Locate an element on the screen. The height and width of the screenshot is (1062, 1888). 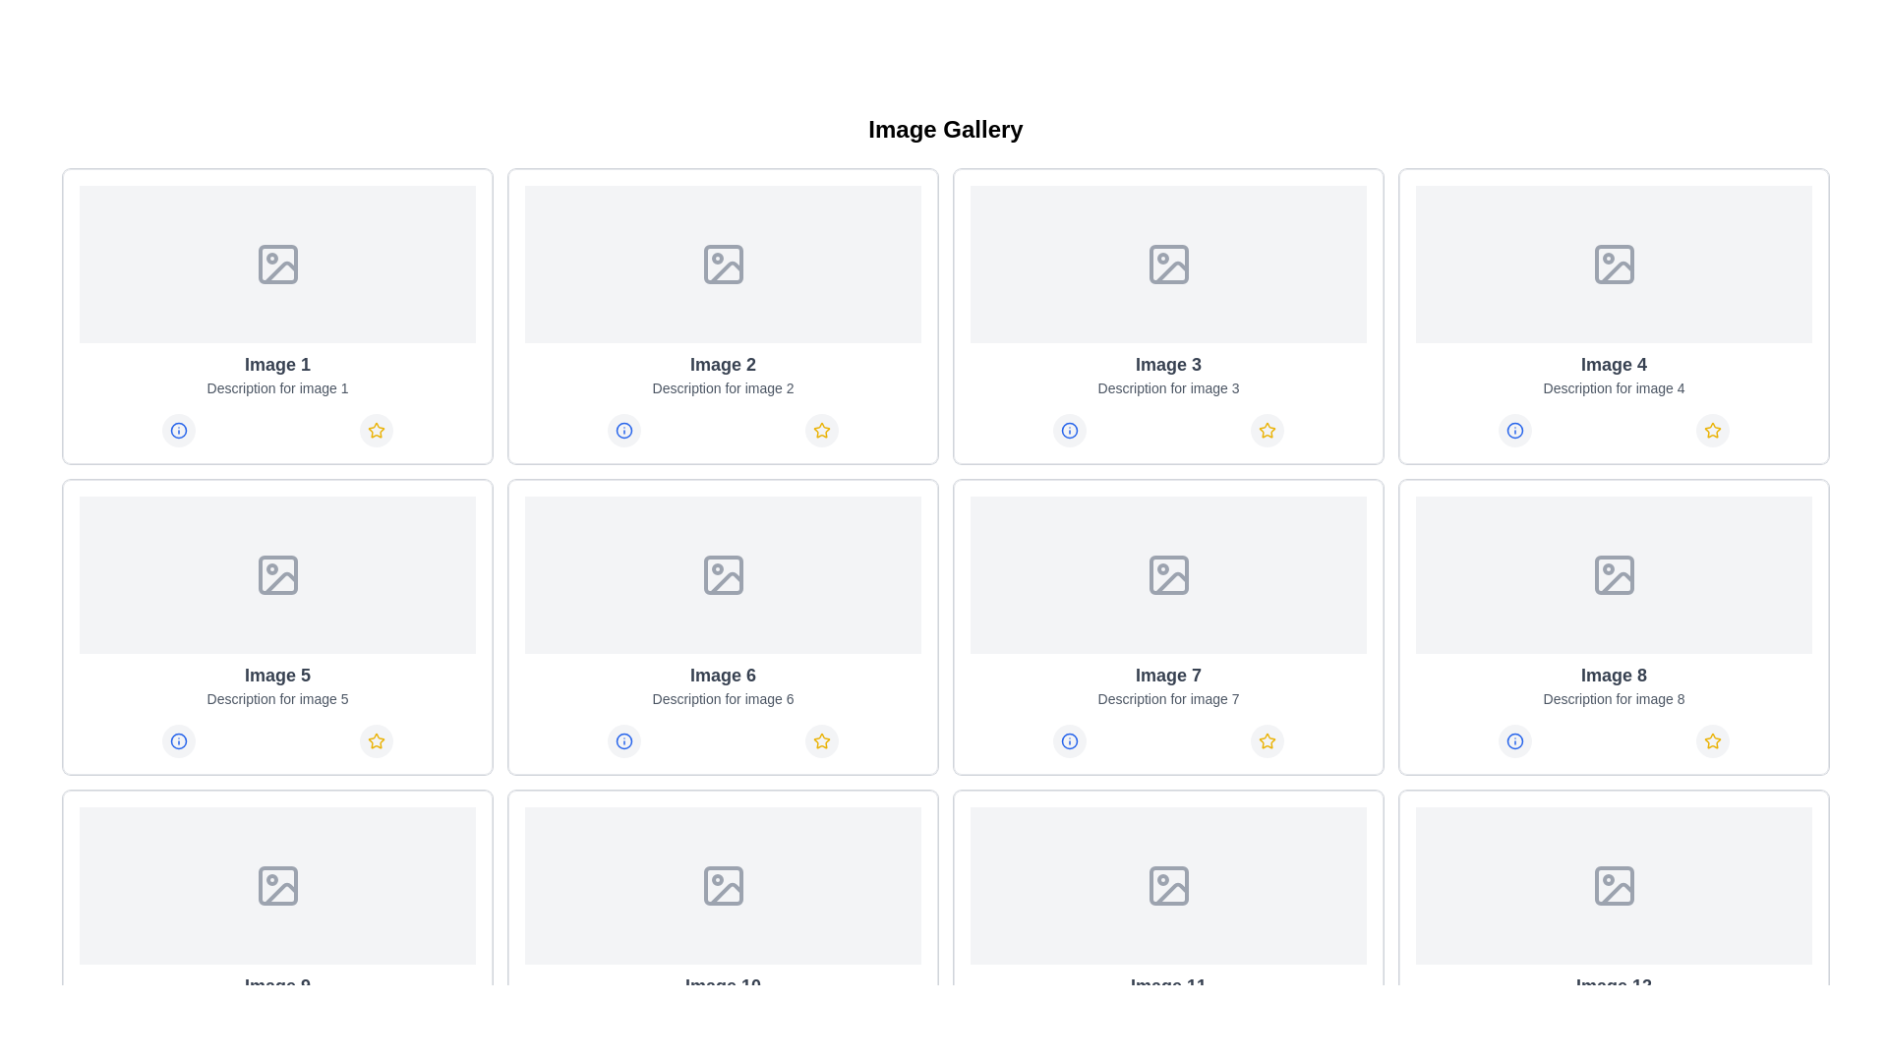
the text label located beneath the title 'Image 3' in the first row of the gallery grid, which provides descriptive context for the image is located at coordinates (1168, 387).